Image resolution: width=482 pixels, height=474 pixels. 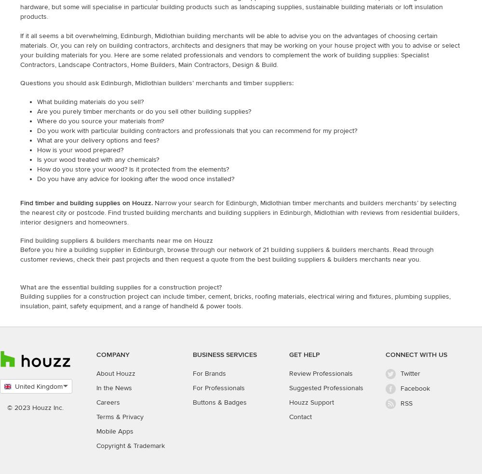 What do you see at coordinates (118, 416) in the screenshot?
I see `'&'` at bounding box center [118, 416].